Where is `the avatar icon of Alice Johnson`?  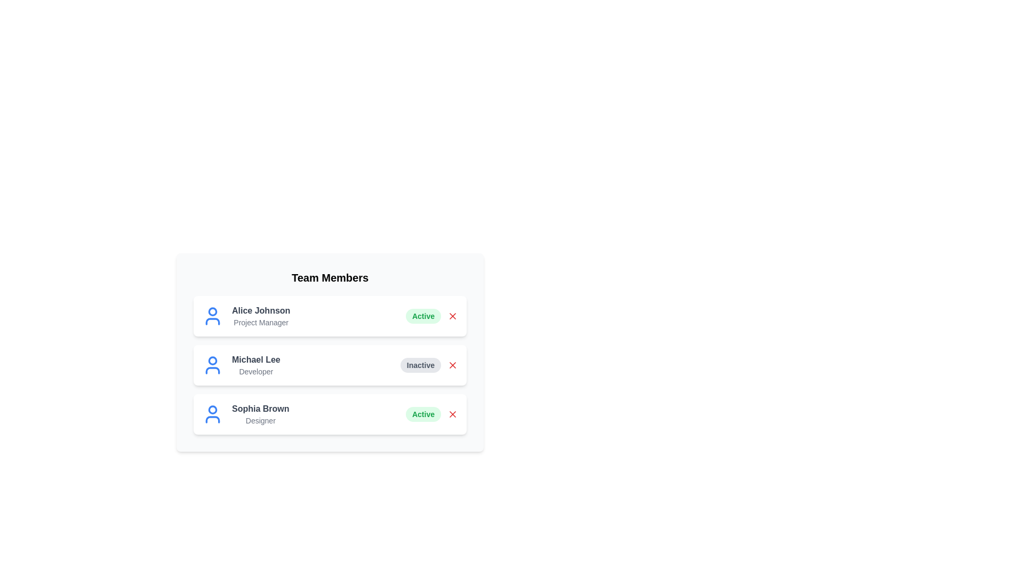
the avatar icon of Alice Johnson is located at coordinates (212, 316).